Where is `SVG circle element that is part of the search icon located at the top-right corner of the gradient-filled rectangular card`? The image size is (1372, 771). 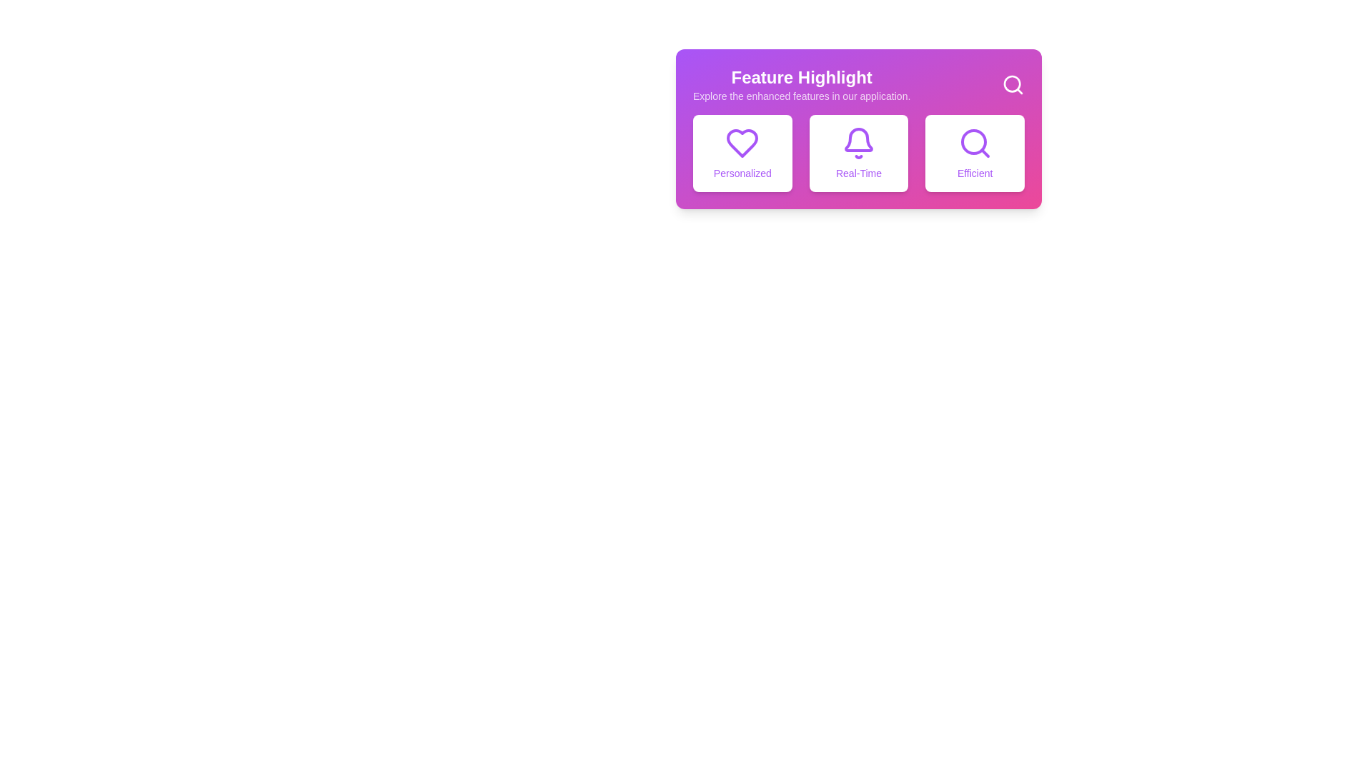 SVG circle element that is part of the search icon located at the top-right corner of the gradient-filled rectangular card is located at coordinates (1011, 84).